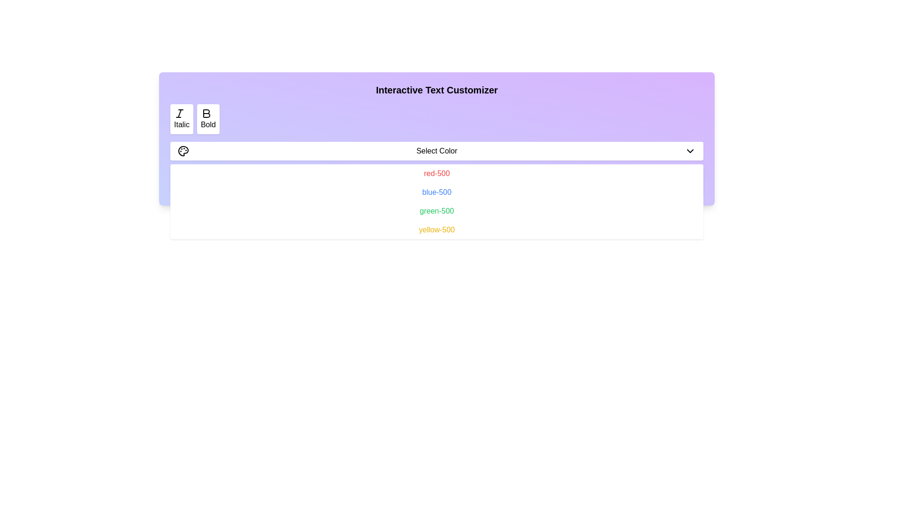 The height and width of the screenshot is (507, 901). I want to click on the italicized 'I' icon within the 'Italic' button, so click(180, 113).